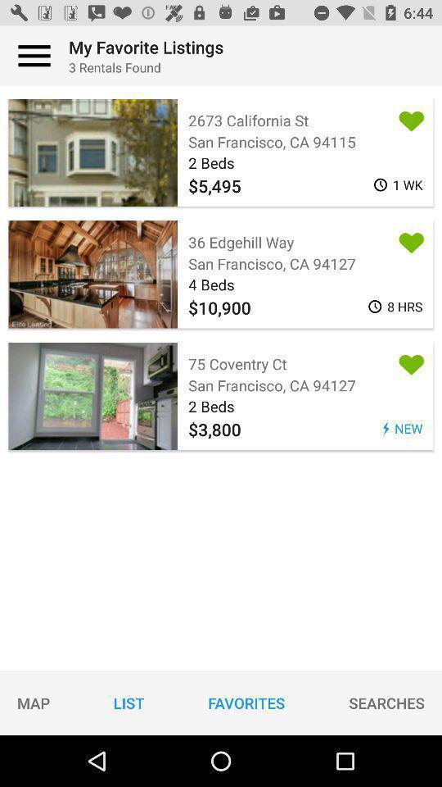 This screenshot has height=787, width=442. What do you see at coordinates (128, 702) in the screenshot?
I see `item to the left of favorites icon` at bounding box center [128, 702].